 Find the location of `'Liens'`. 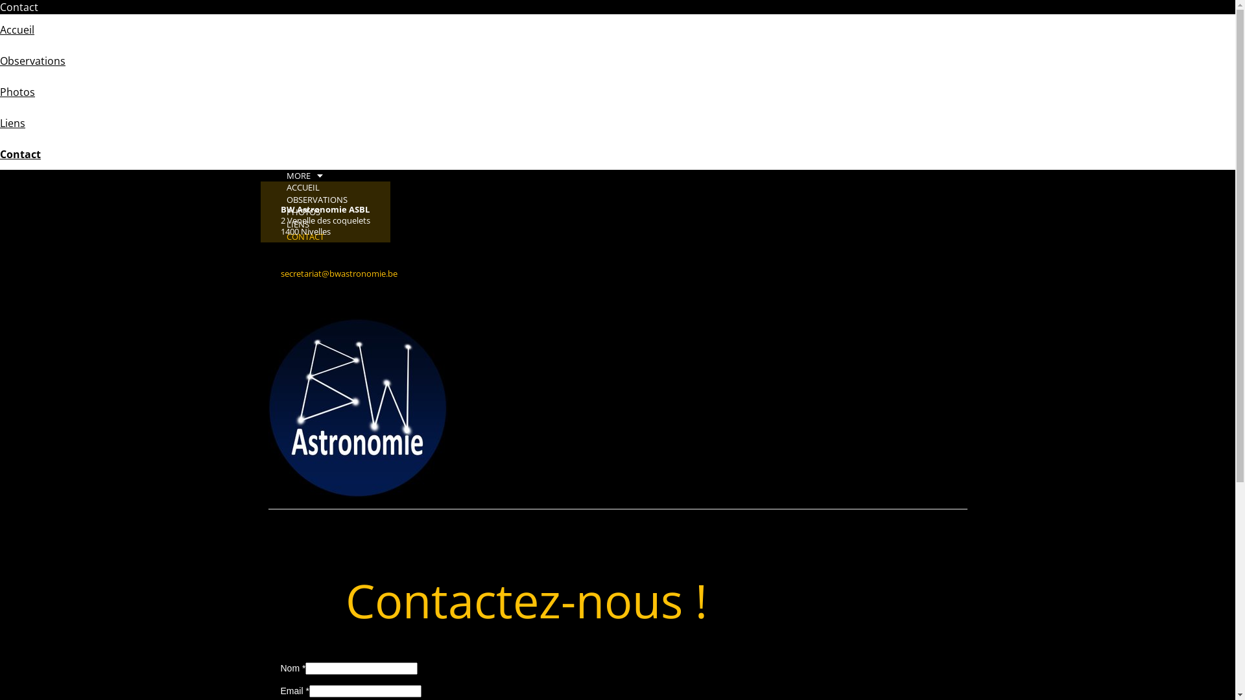

'Liens' is located at coordinates (0, 122).